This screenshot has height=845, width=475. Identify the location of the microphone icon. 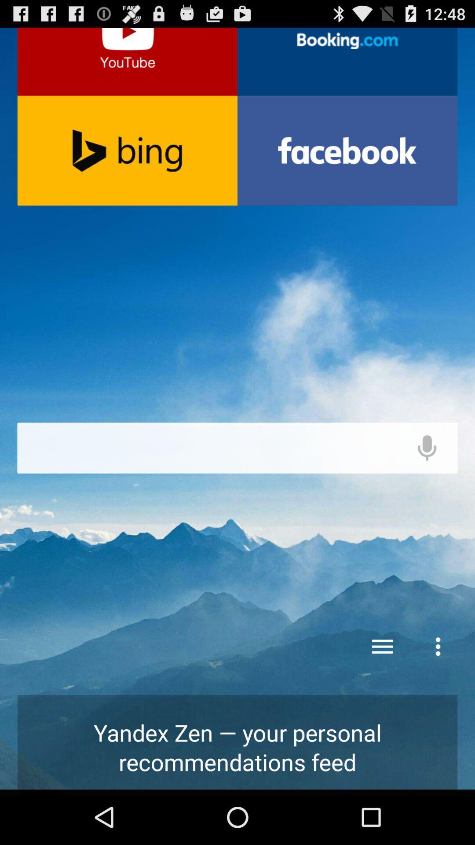
(427, 479).